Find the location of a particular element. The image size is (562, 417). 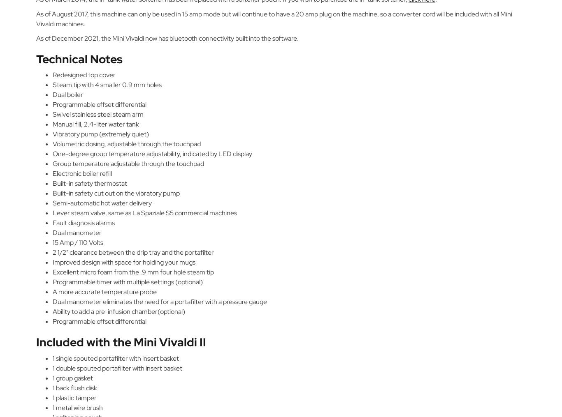

'Swivel stainless steel steam arm' is located at coordinates (98, 114).